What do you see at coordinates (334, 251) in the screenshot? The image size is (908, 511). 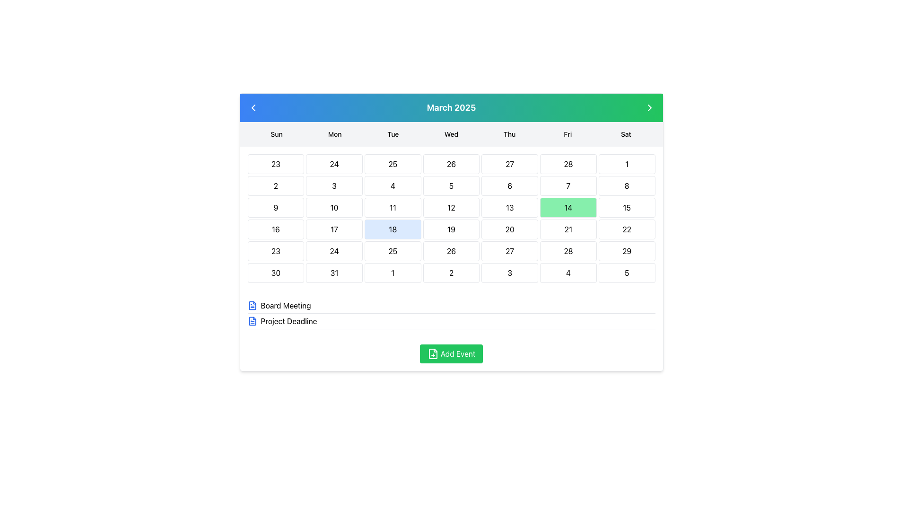 I see `the button labeled '24', which is a rectangular button with a white background and black text` at bounding box center [334, 251].